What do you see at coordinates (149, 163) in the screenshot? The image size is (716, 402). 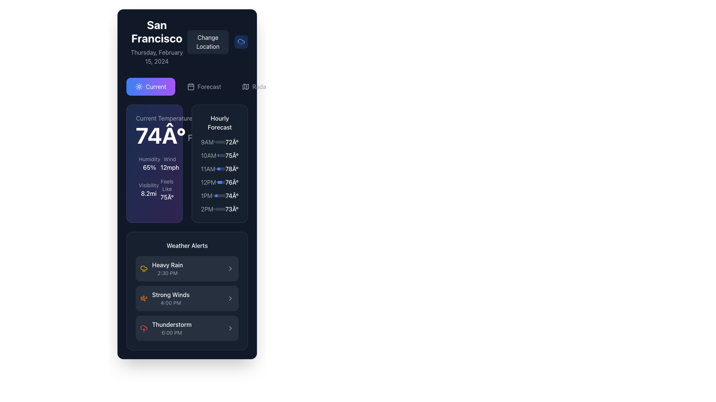 I see `adjacent elements for weather details near the 'Humidity 65%' text display in the Current Temperature section of the weather application` at bounding box center [149, 163].